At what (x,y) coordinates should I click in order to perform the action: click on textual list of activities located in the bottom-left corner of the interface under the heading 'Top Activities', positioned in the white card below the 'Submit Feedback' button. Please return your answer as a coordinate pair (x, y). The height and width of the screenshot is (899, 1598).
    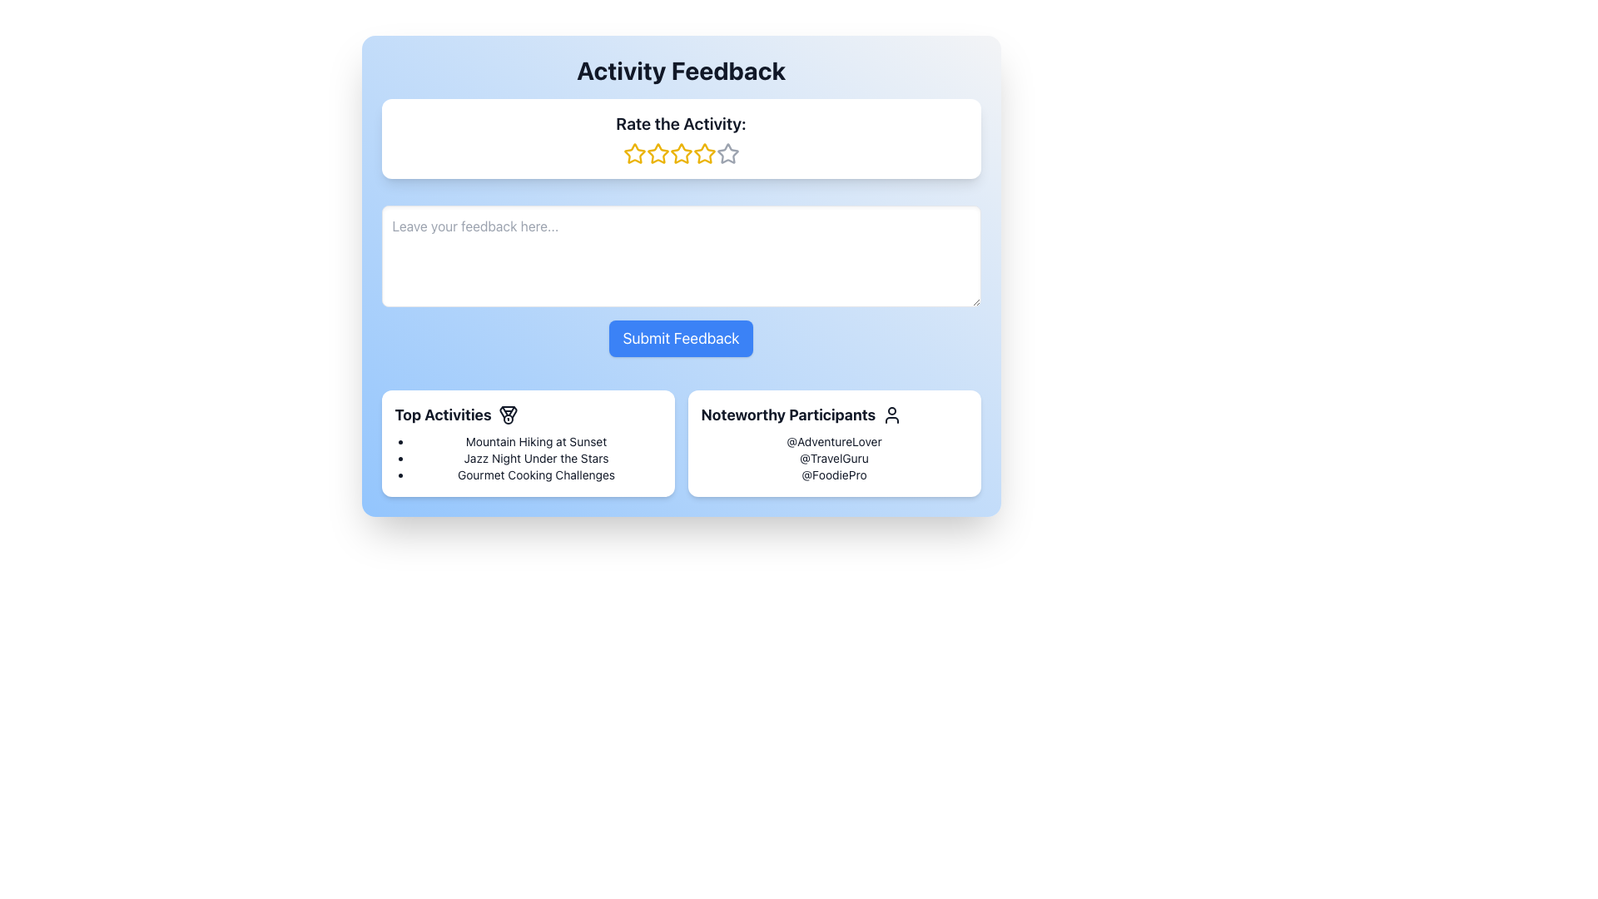
    Looking at the image, I should click on (527, 459).